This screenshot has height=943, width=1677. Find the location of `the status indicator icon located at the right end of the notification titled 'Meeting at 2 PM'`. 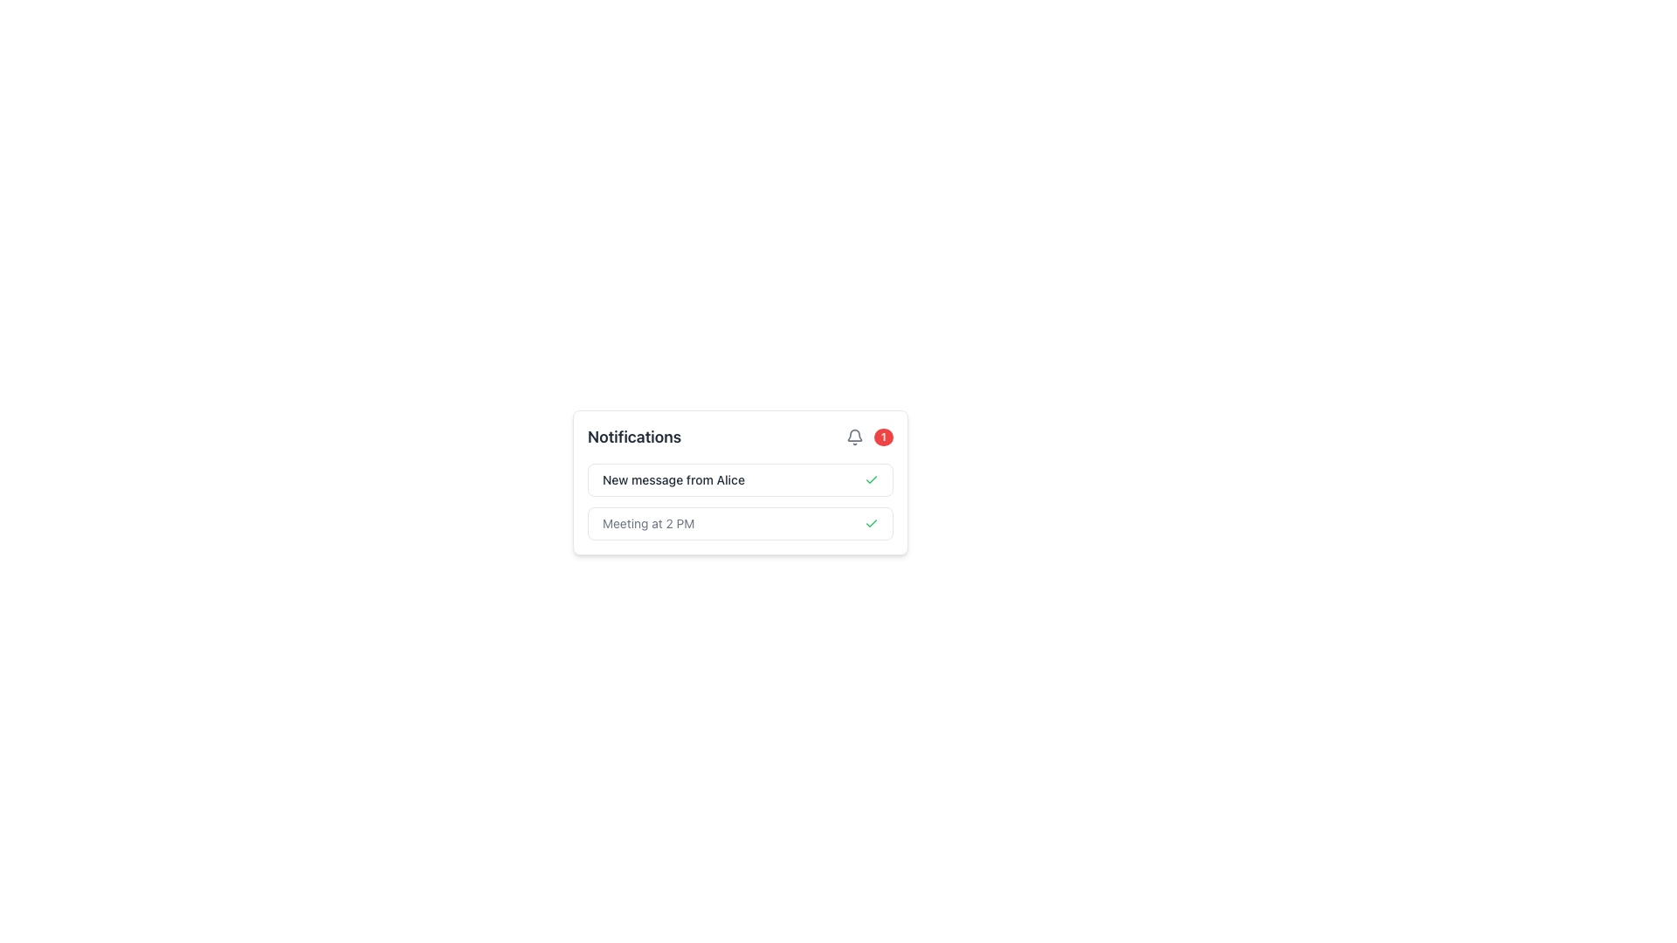

the status indicator icon located at the right end of the notification titled 'Meeting at 2 PM' is located at coordinates (872, 523).